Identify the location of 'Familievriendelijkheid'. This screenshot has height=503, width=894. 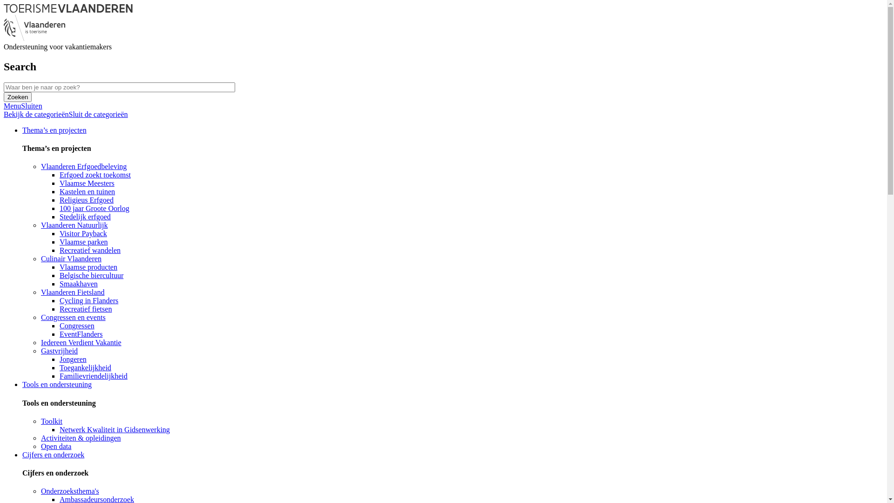
(94, 375).